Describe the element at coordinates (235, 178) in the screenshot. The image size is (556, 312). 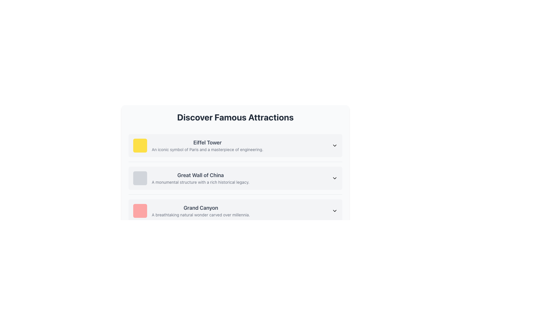
I see `the arrow icon on the right side of the list item for 'Great Wall of China'` at that location.